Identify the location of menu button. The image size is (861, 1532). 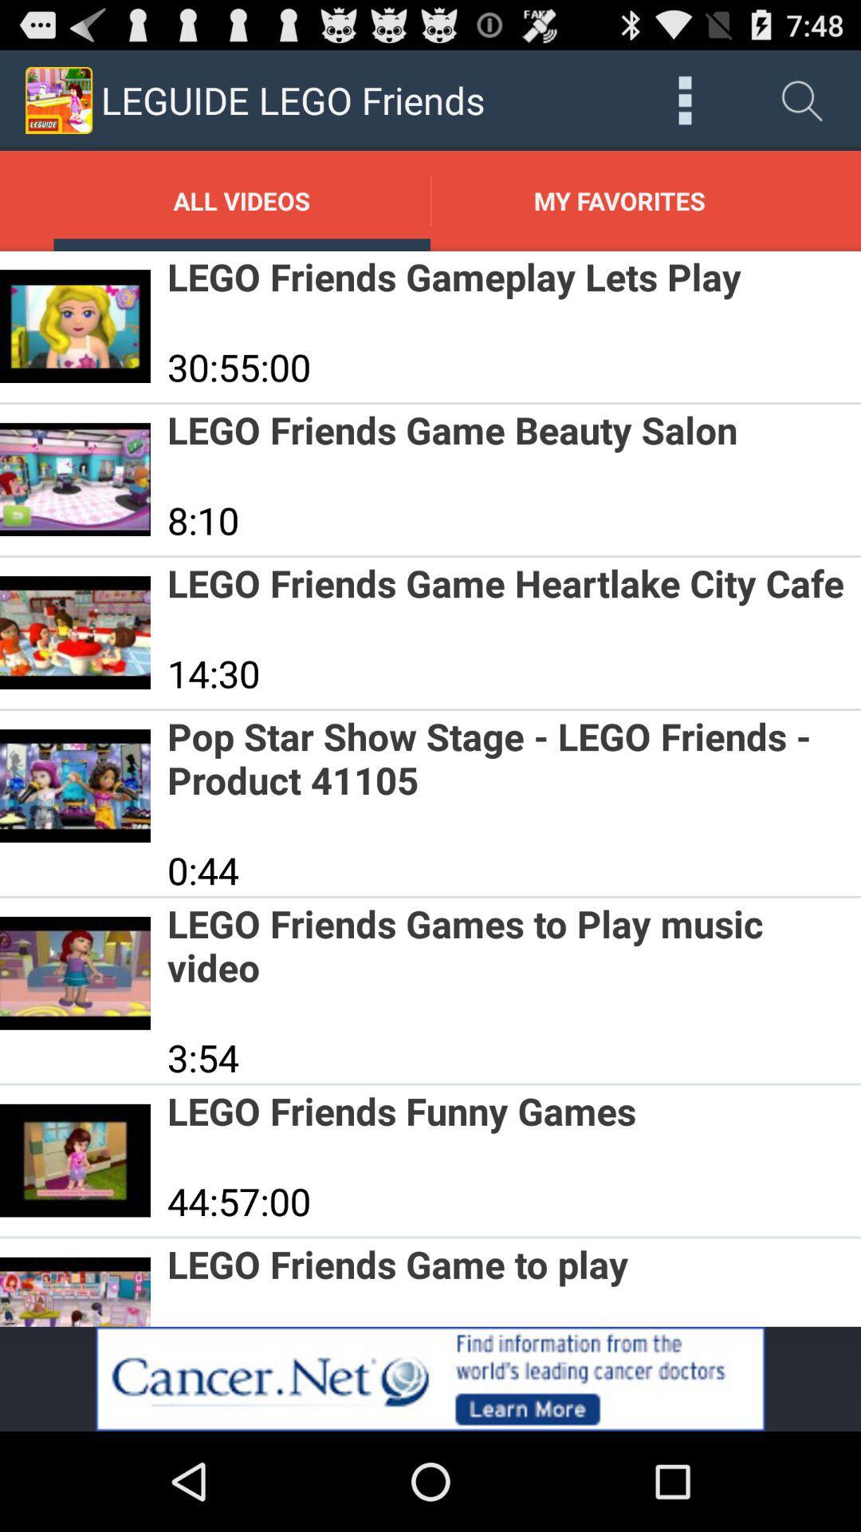
(684, 99).